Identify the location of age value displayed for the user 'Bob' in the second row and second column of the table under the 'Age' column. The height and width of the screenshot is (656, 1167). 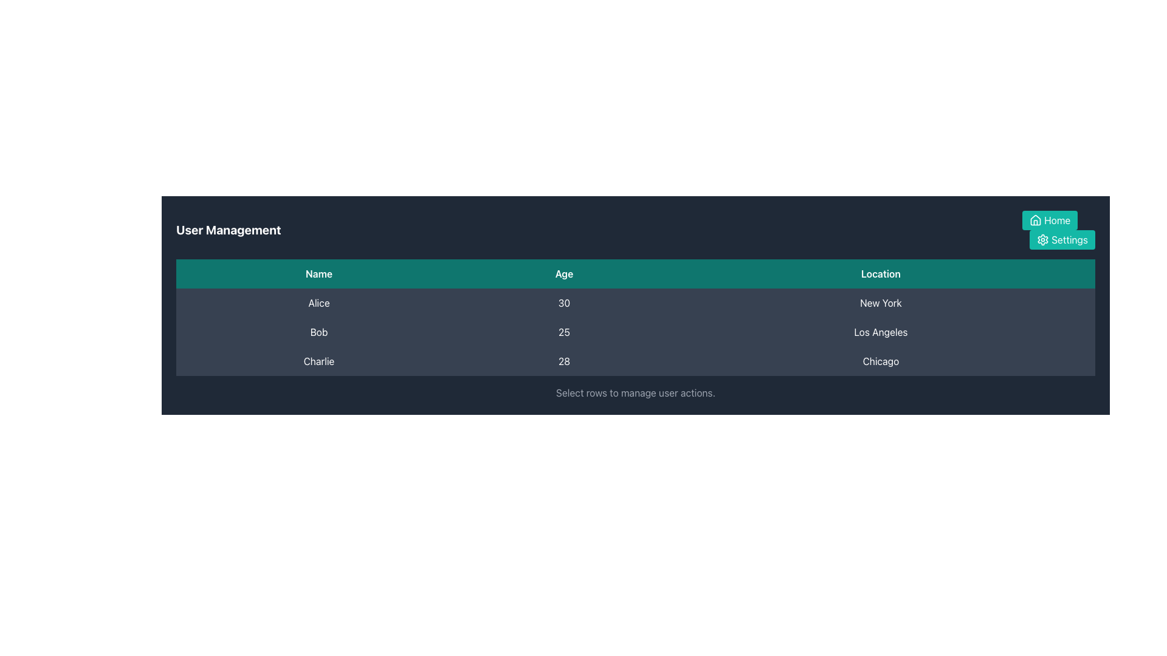
(563, 332).